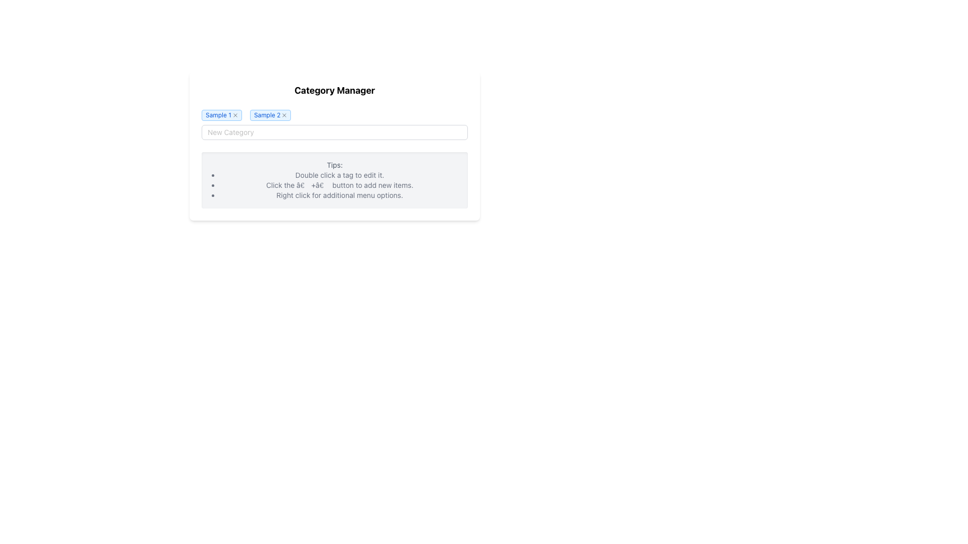 Image resolution: width=968 pixels, height=544 pixels. What do you see at coordinates (284, 115) in the screenshot?
I see `the close icon button located at the far-right edge of the 'Sample 2' tag` at bounding box center [284, 115].